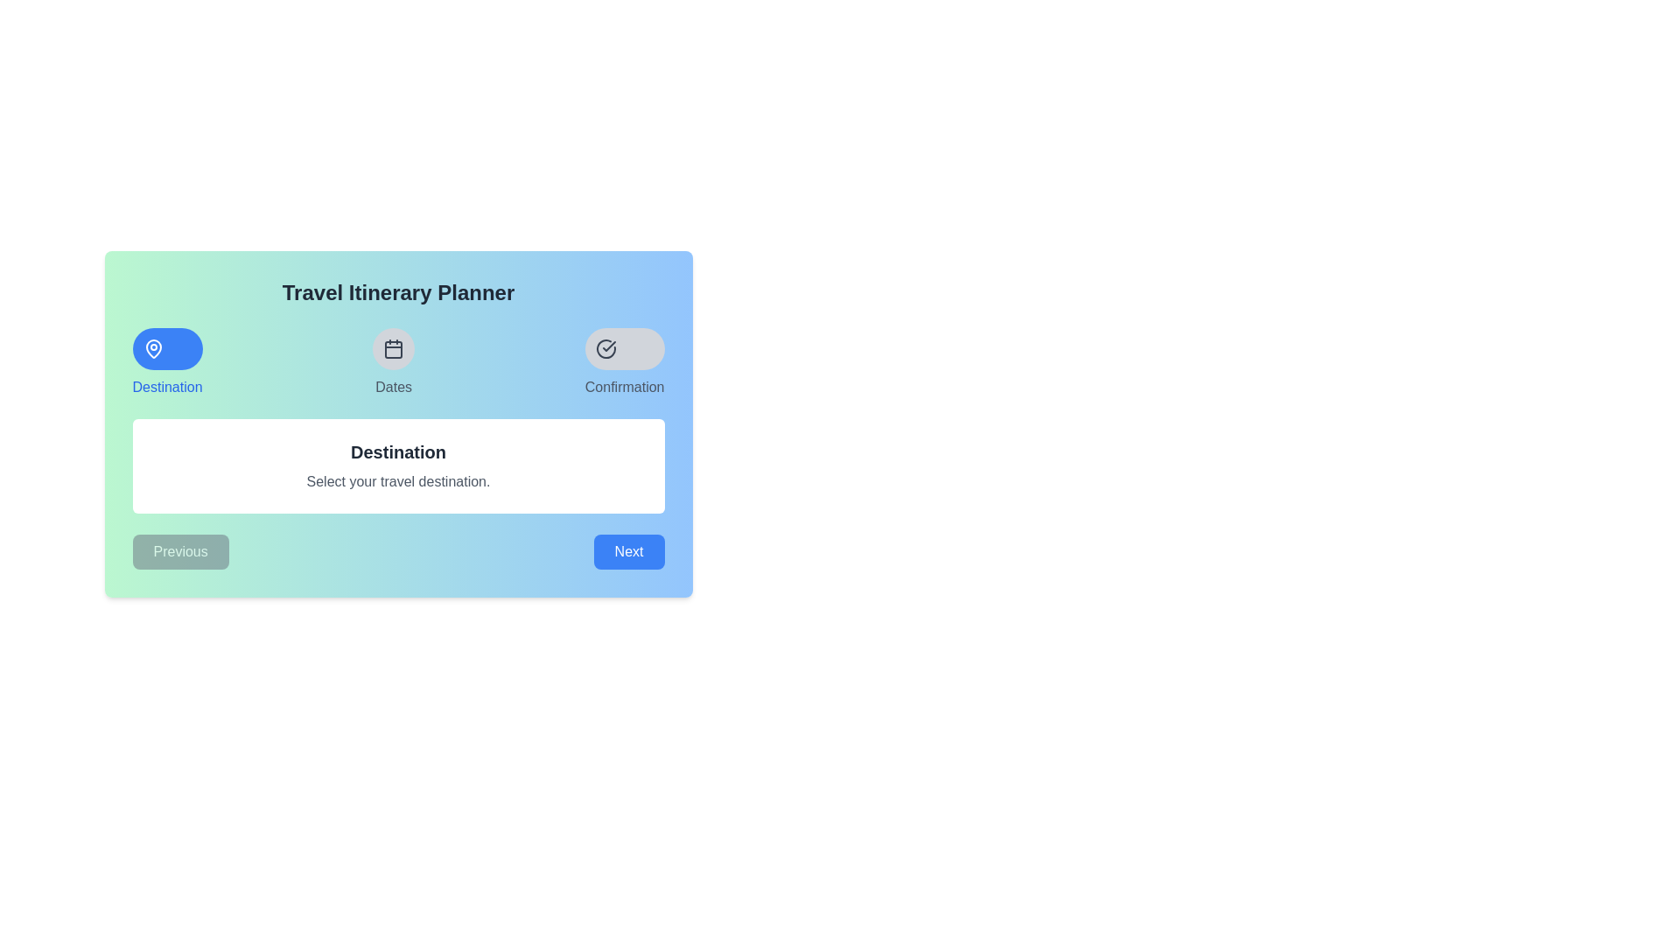 The height and width of the screenshot is (945, 1680). I want to click on the text label displaying 'Dates' which is positioned below the calendar icon in the top center of the interface, so click(393, 387).